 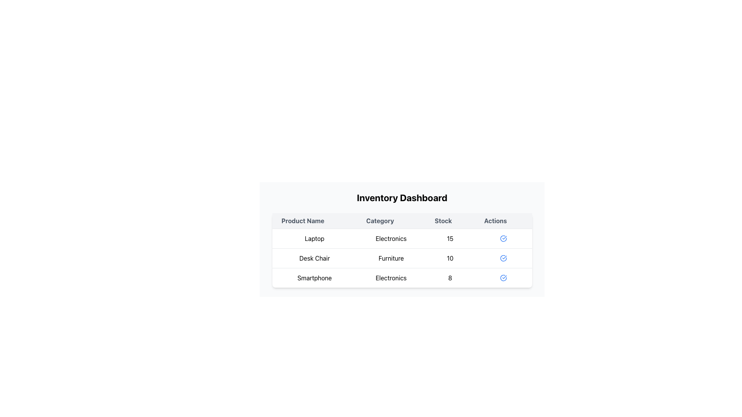 I want to click on the circular checkmark icon in the fourth column of the first row under the 'Actions' column, so click(x=503, y=238).